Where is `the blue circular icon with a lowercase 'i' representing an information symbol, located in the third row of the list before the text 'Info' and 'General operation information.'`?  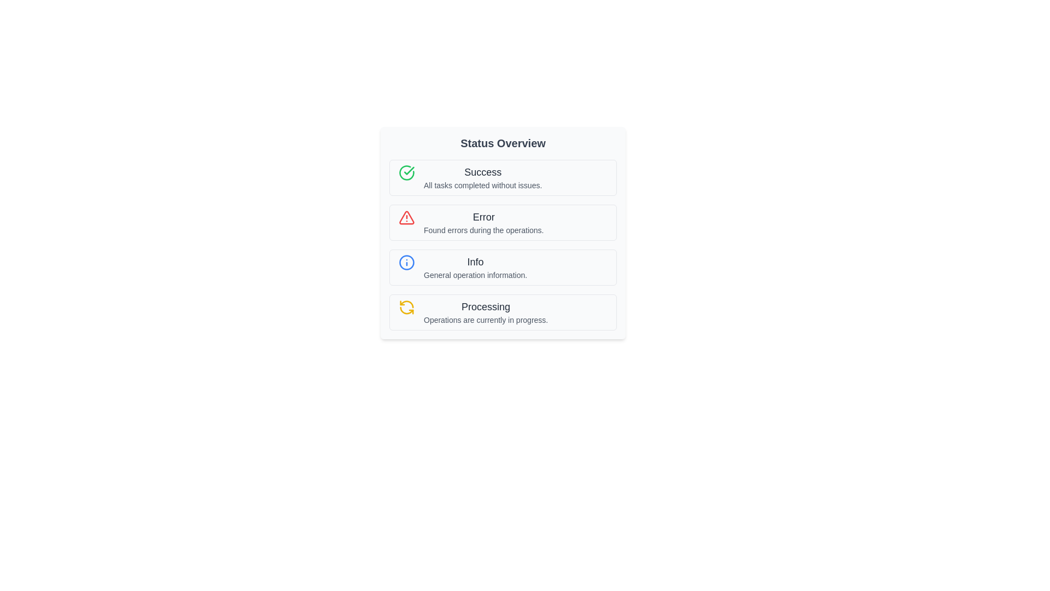
the blue circular icon with a lowercase 'i' representing an information symbol, located in the third row of the list before the text 'Info' and 'General operation information.' is located at coordinates (406, 262).